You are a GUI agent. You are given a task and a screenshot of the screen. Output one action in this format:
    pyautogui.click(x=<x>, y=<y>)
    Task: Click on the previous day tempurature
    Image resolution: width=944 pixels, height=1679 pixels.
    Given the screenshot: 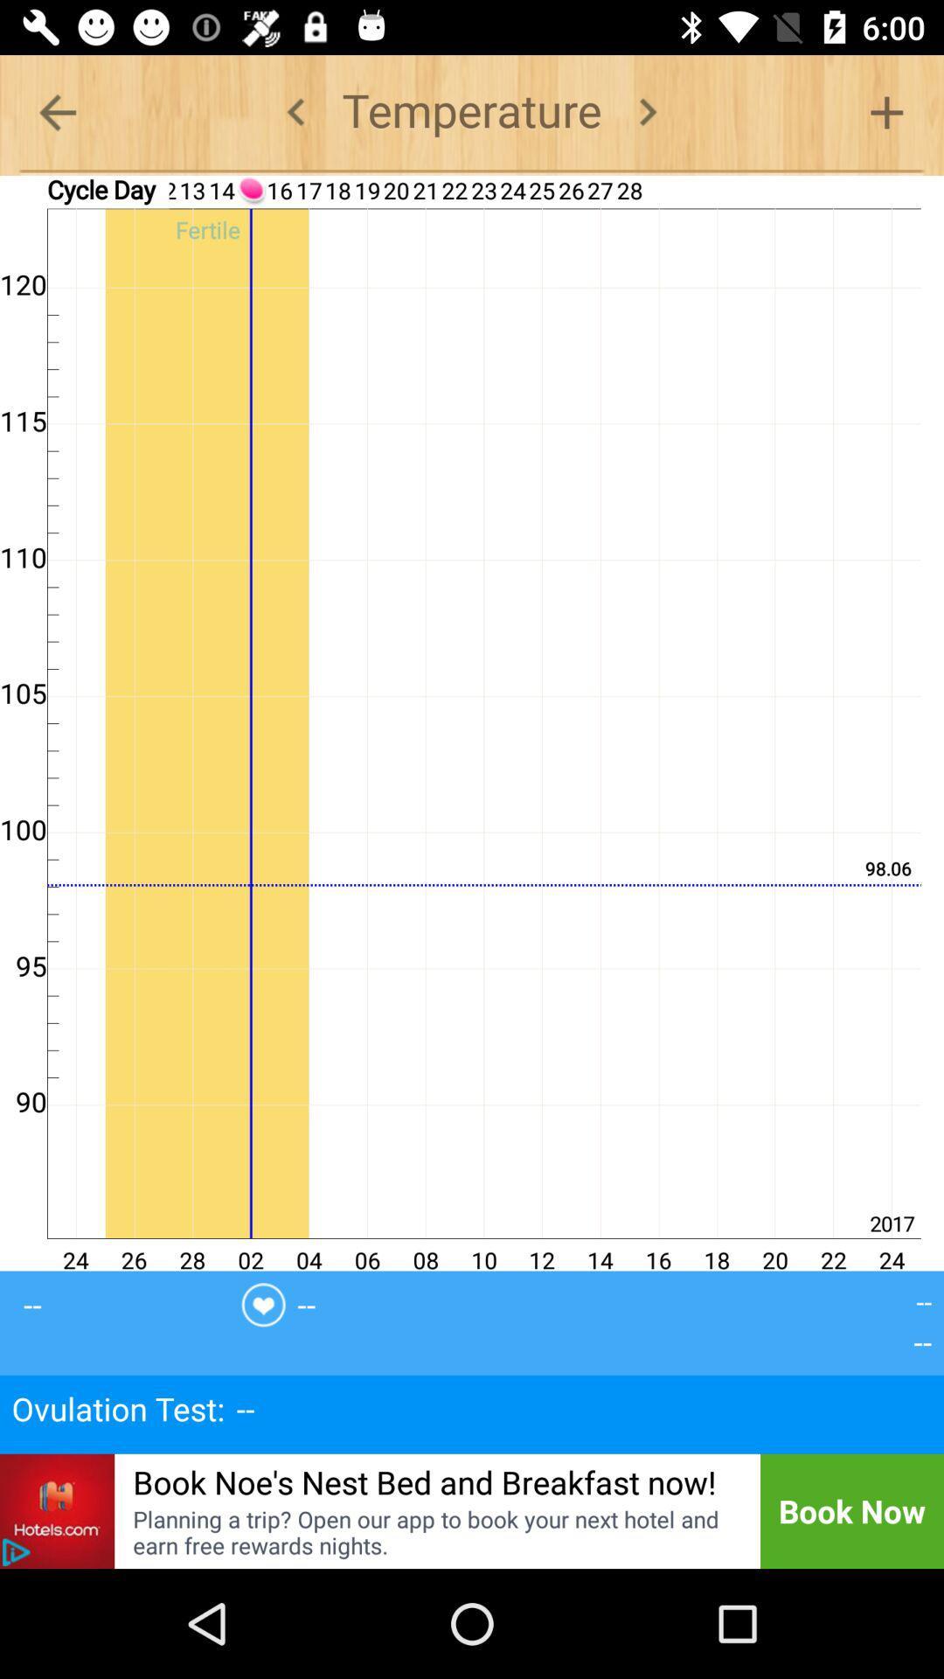 What is the action you would take?
    pyautogui.click(x=295, y=111)
    